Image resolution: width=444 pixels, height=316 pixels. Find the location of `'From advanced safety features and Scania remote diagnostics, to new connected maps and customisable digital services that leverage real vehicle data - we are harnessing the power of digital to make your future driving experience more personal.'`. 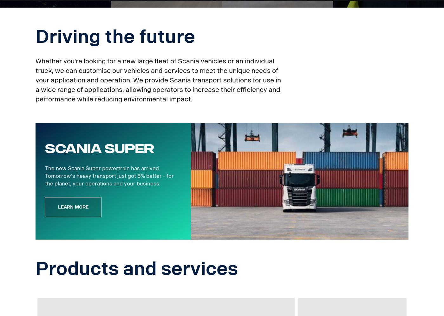

'From advanced safety features and Scania remote diagnostics, to new connected maps and customisable digital services that leverage real vehicle data - we are harnessing the power of digital to make your future driving experience more personal.' is located at coordinates (65, 34).